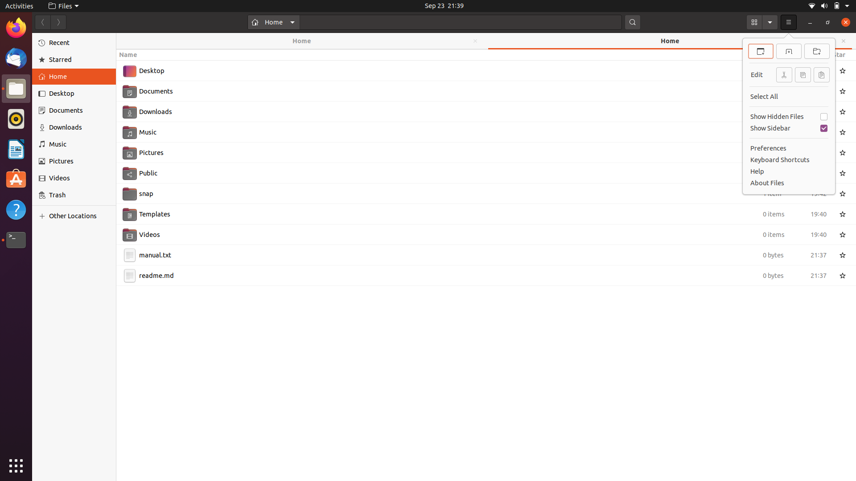 This screenshot has height=481, width=856. I want to click on the "Help" section with mouse click, so click(788, 171).